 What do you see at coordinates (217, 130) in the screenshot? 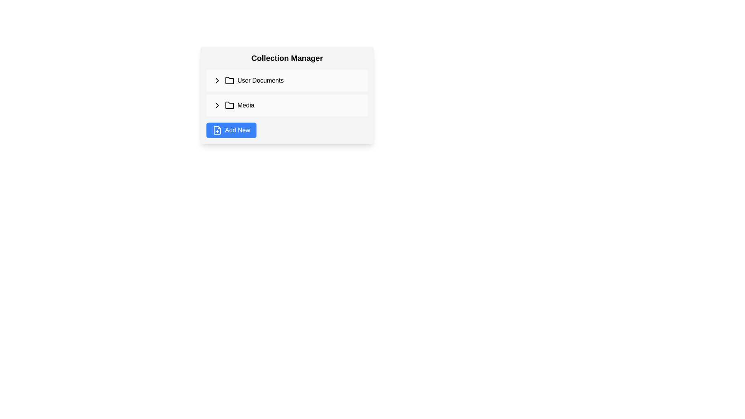
I see `the add new item icon located to the left of the text label within the 'Add New' button` at bounding box center [217, 130].